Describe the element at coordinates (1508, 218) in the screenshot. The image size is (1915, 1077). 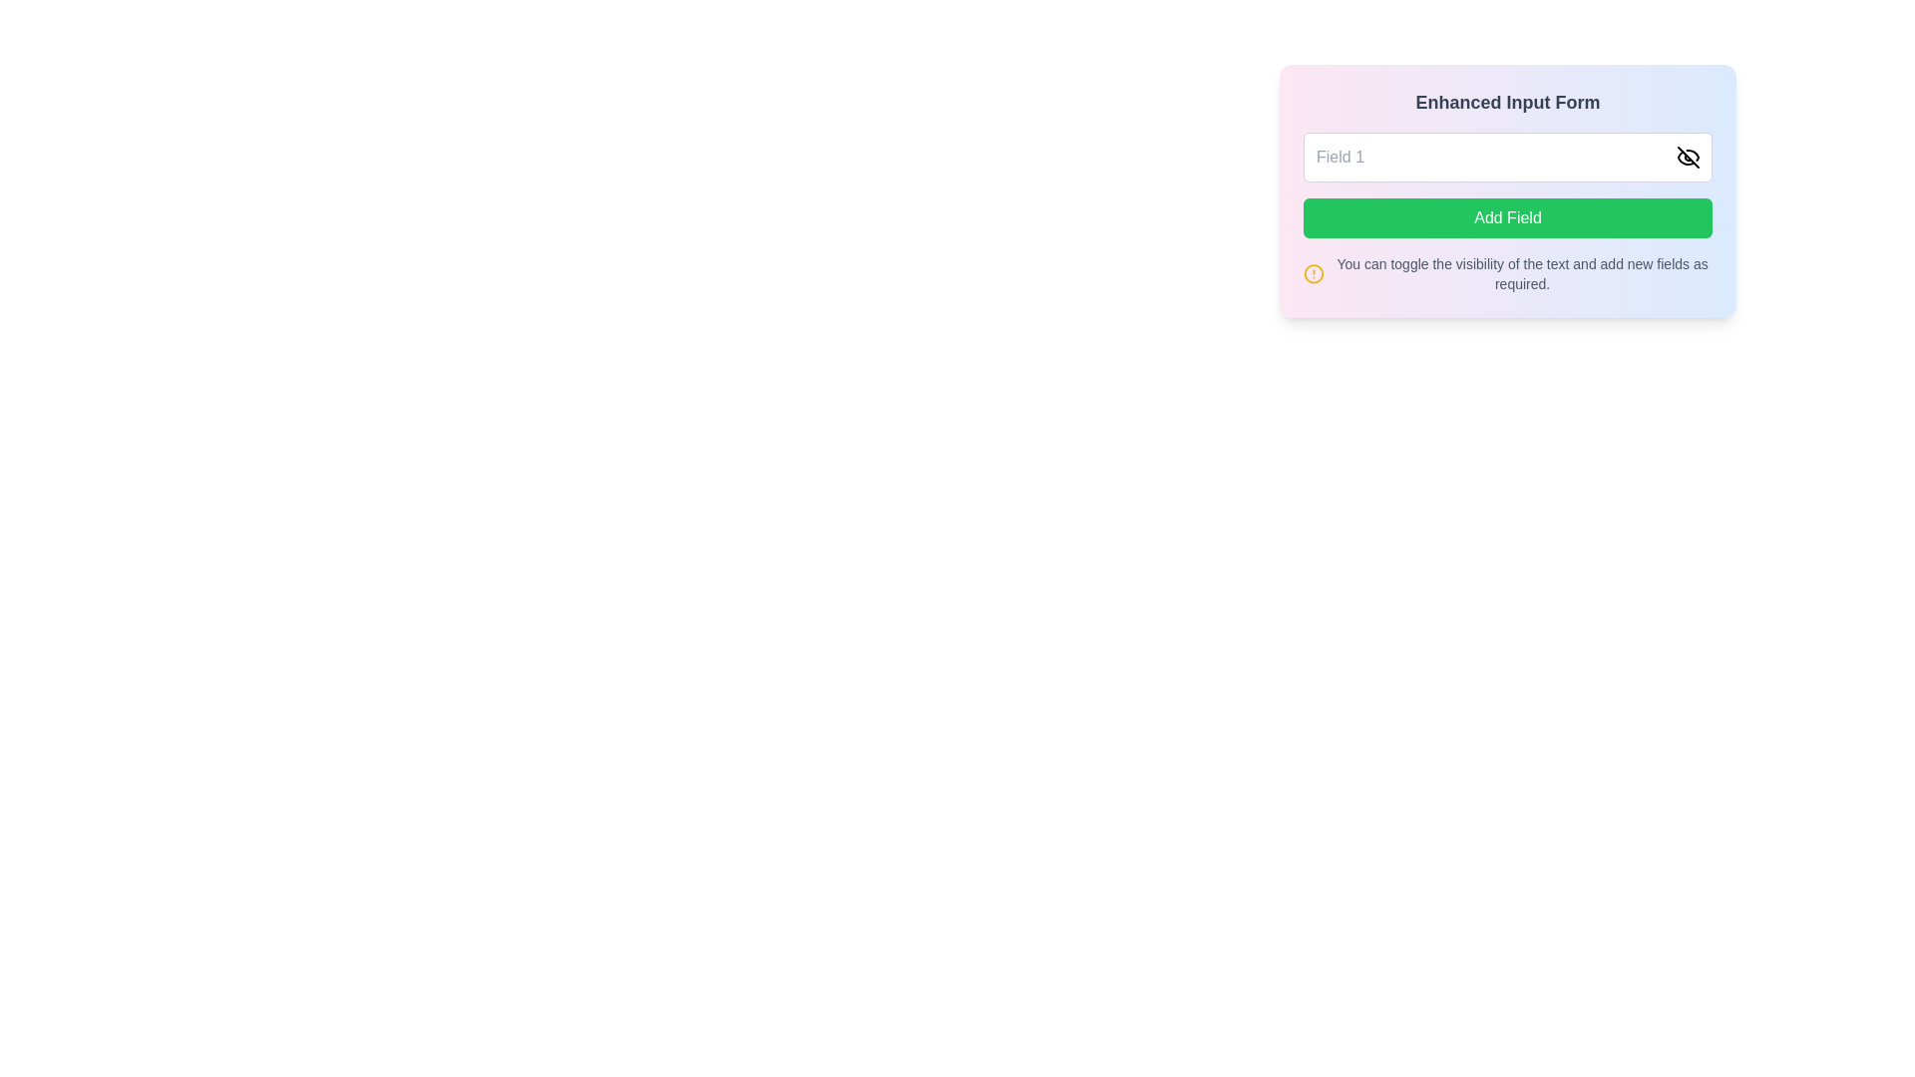
I see `the button for adding a new field to the form through keyboard navigation for accessibility` at that location.